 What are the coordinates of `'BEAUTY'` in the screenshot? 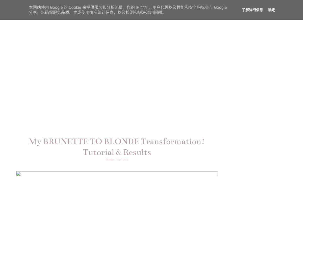 It's located at (196, 18).